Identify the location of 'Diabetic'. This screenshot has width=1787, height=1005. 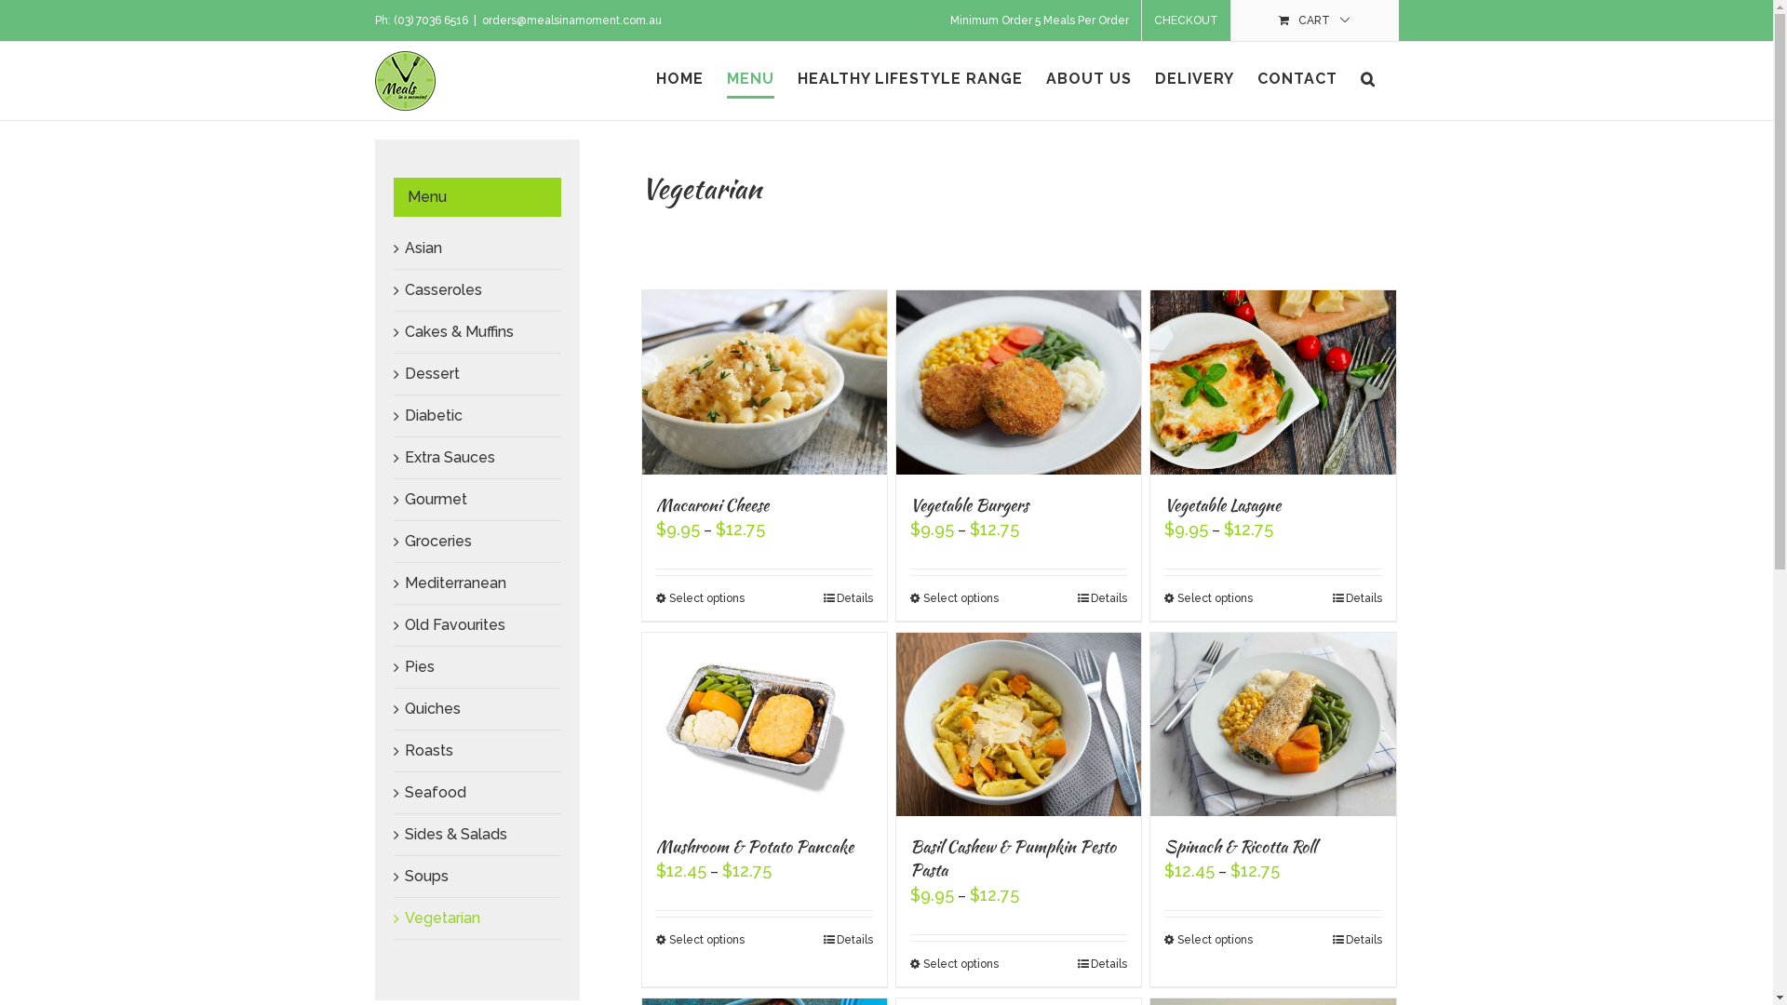
(432, 414).